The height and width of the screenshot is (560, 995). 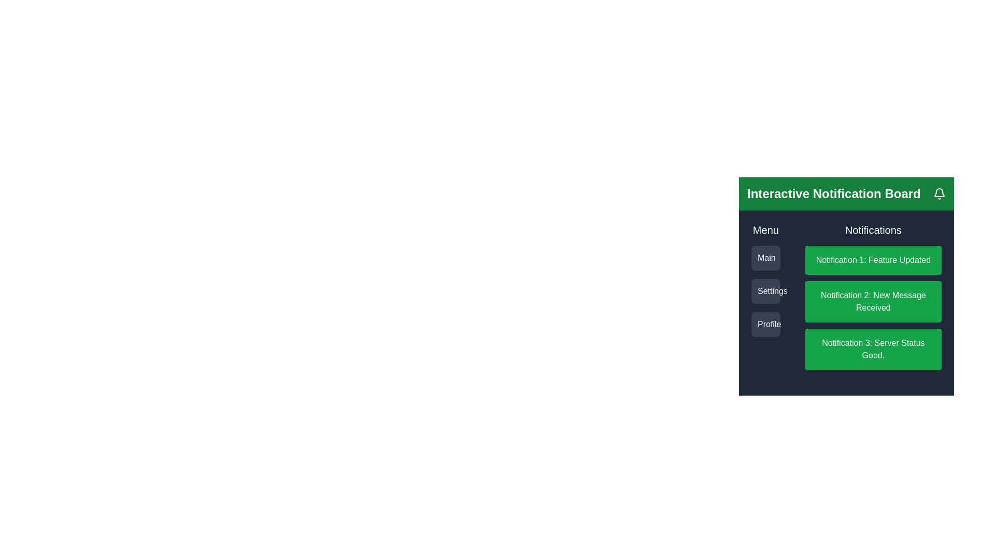 What do you see at coordinates (765, 291) in the screenshot?
I see `the second button in the vertical stack under the 'Menu' section to trigger the hover effect` at bounding box center [765, 291].